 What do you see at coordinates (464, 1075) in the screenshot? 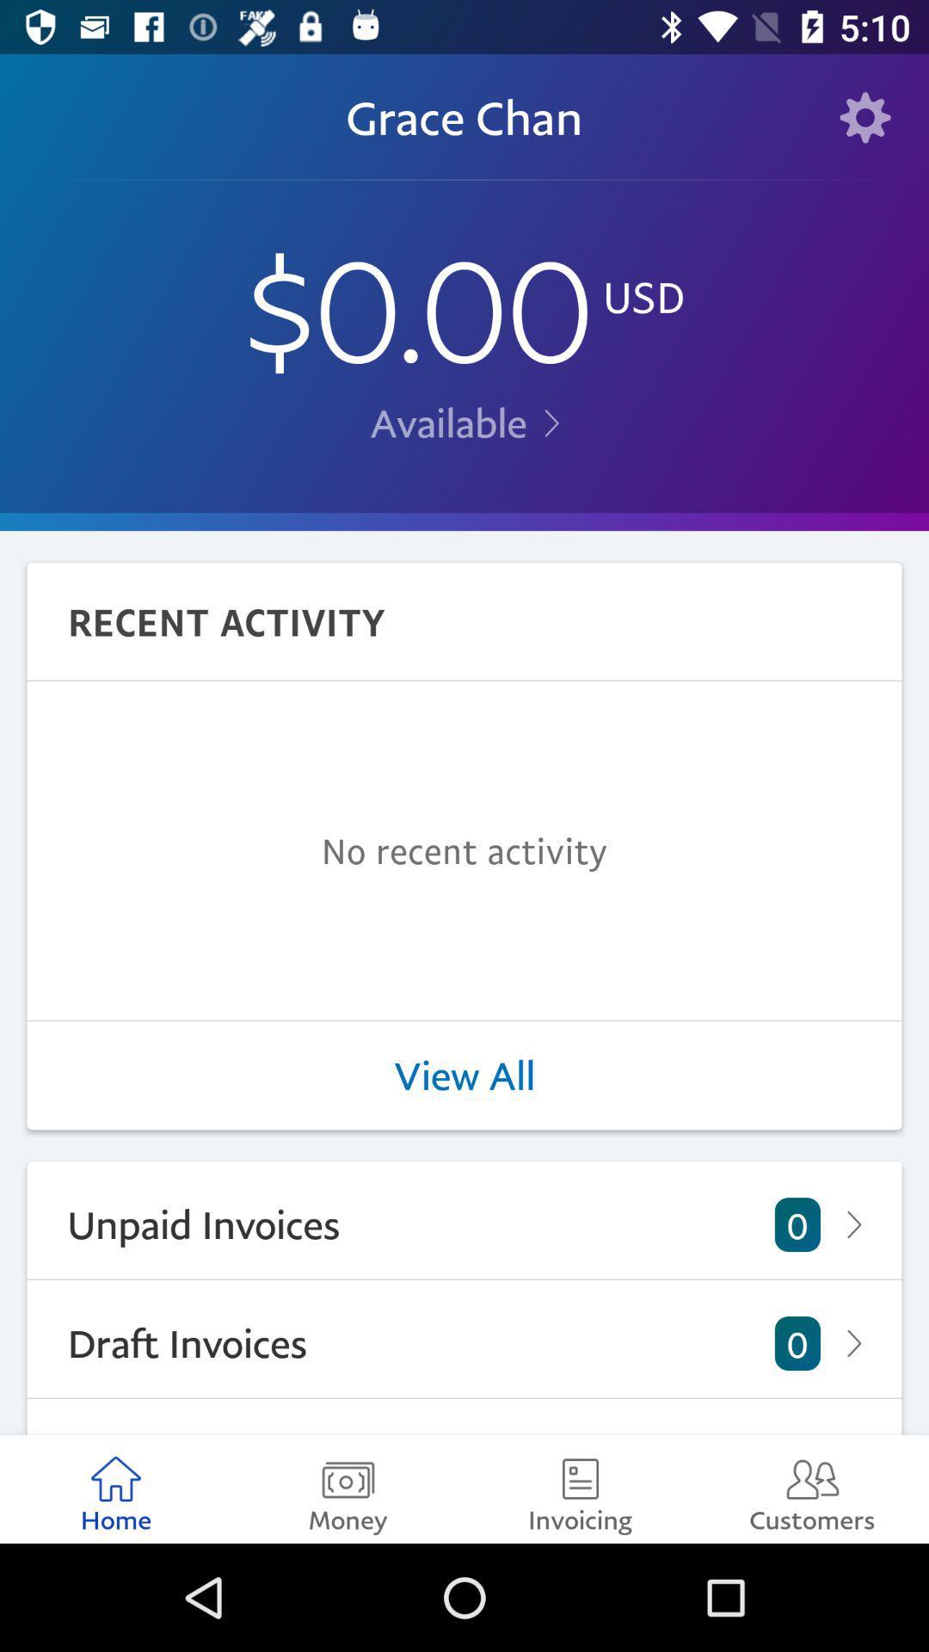
I see `view all icon` at bounding box center [464, 1075].